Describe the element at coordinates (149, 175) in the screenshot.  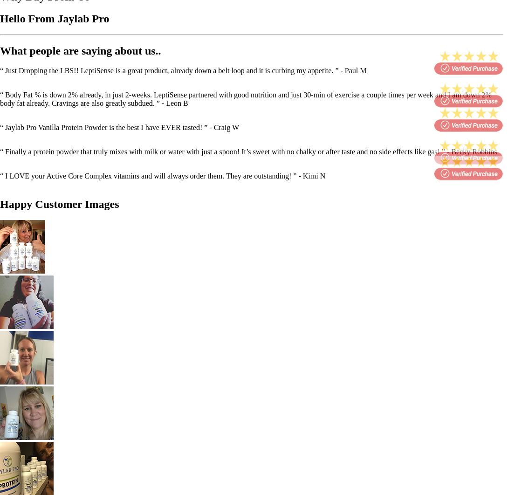
I see `'“ I LOVE your Active Core Complex vitamins and will always order them.  They are outstanding! ”'` at that location.